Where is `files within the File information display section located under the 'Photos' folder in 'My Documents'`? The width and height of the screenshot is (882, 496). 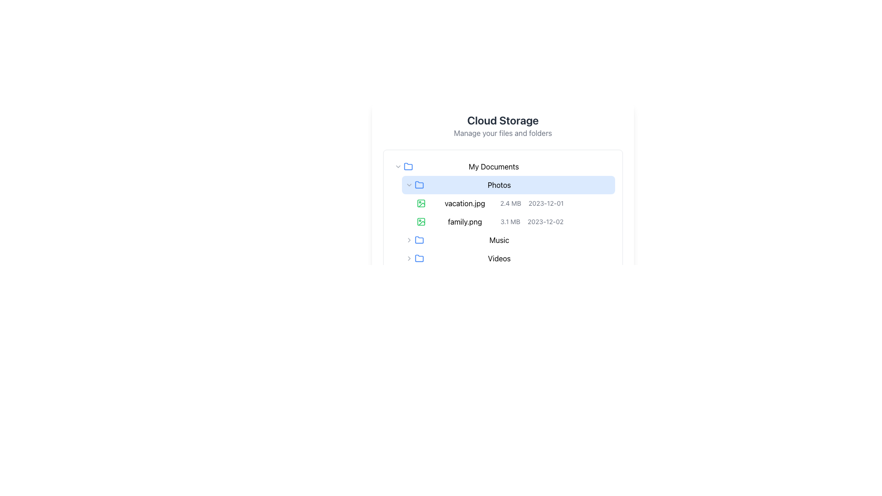
files within the File information display section located under the 'Photos' folder in 'My Documents' is located at coordinates (502, 221).